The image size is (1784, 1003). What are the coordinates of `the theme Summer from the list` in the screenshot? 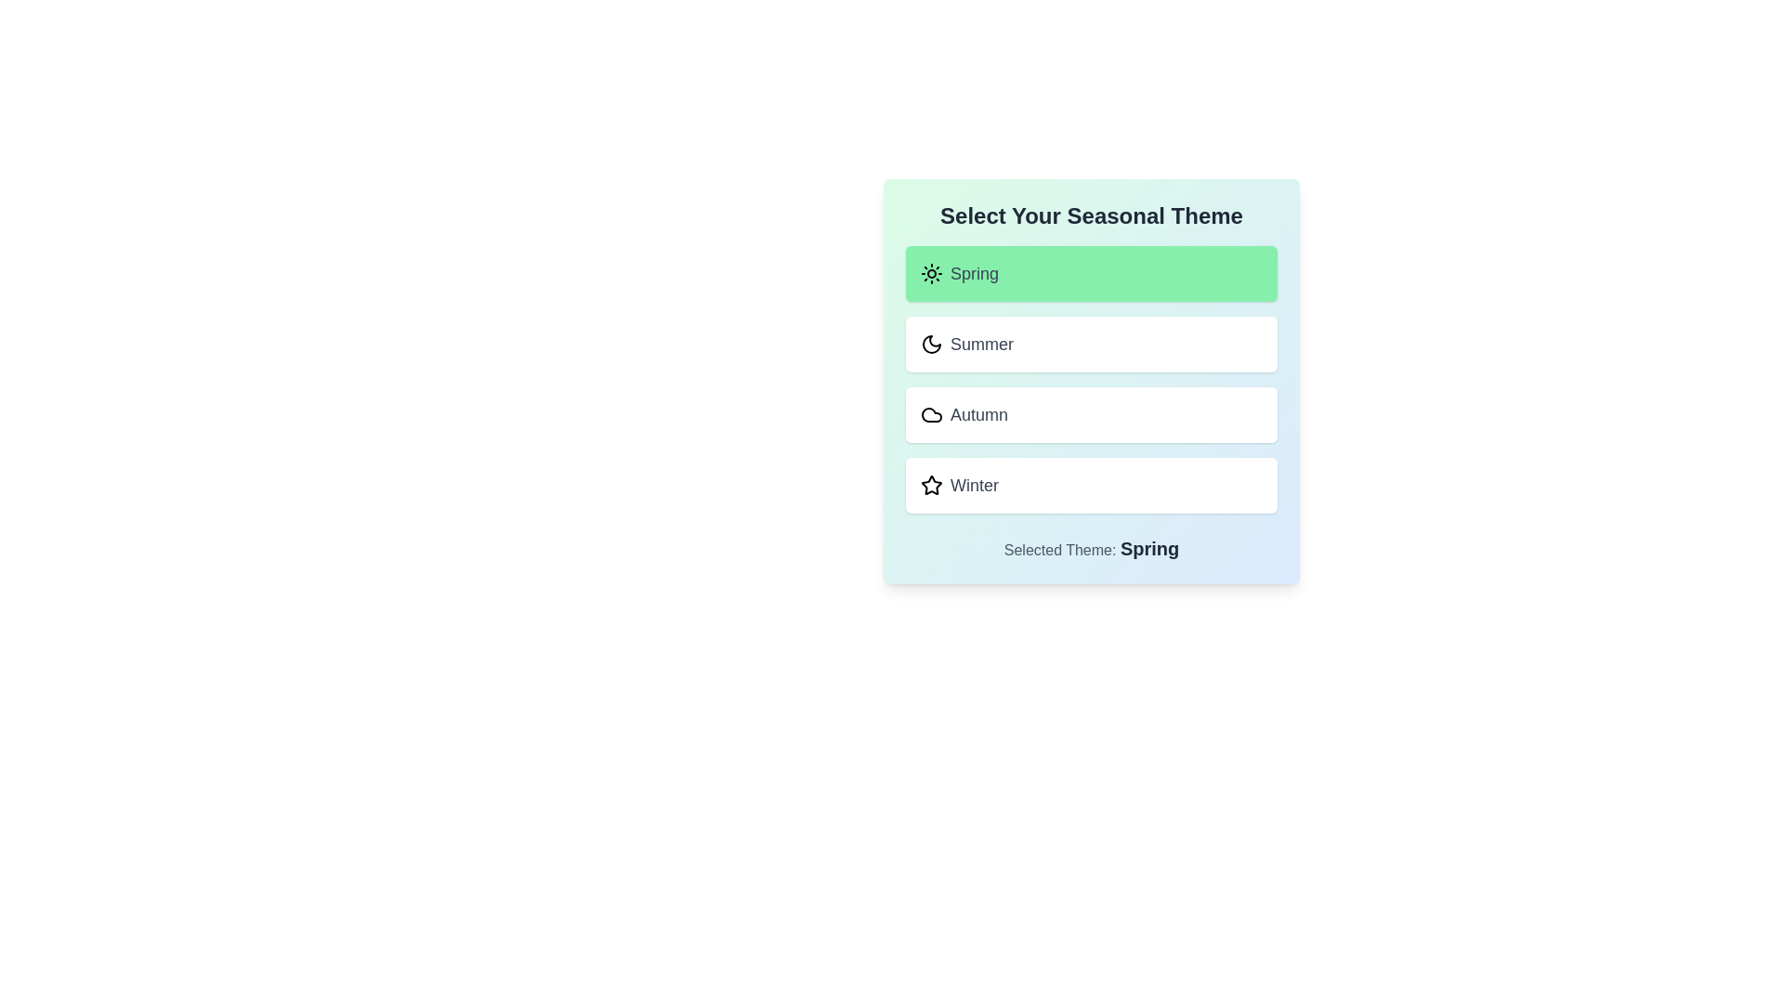 It's located at (1092, 344).